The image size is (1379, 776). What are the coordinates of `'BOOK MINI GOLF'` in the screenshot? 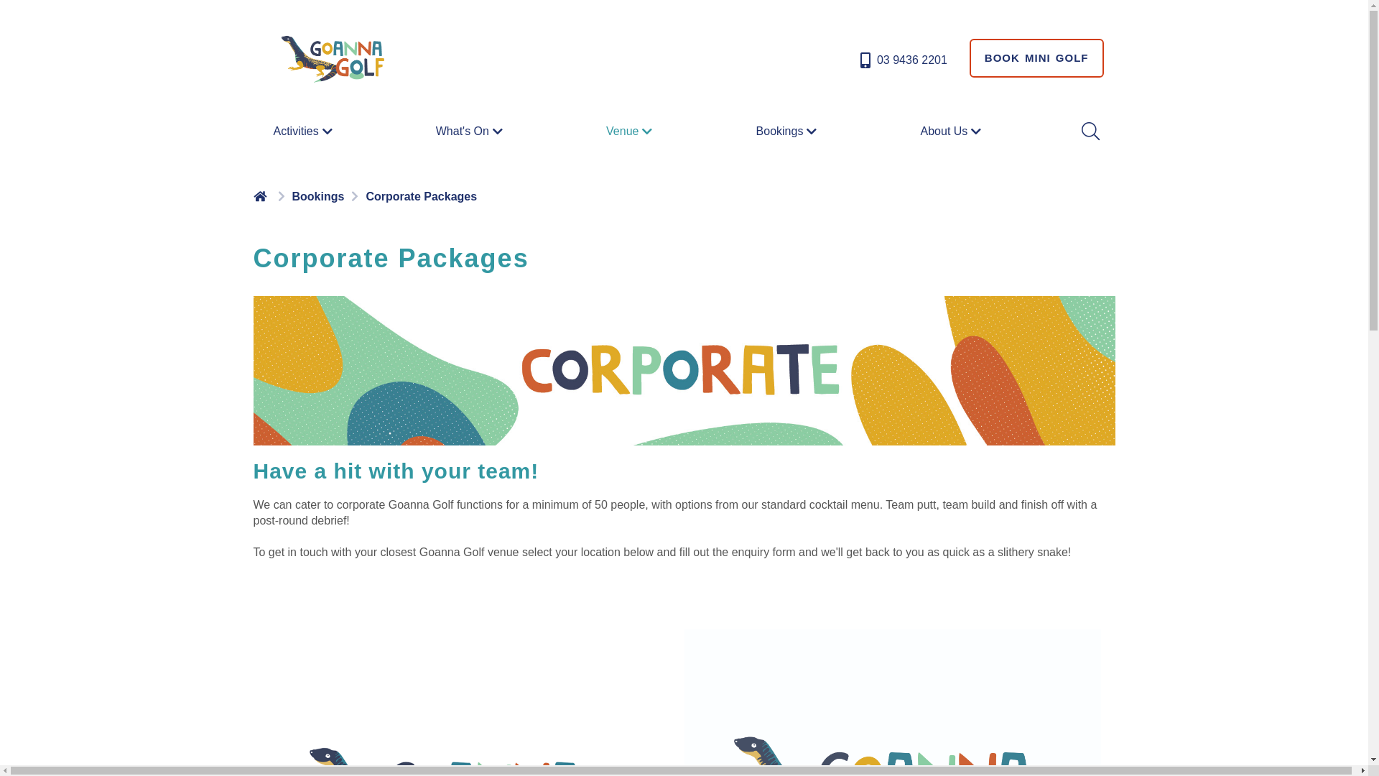 It's located at (1036, 57).